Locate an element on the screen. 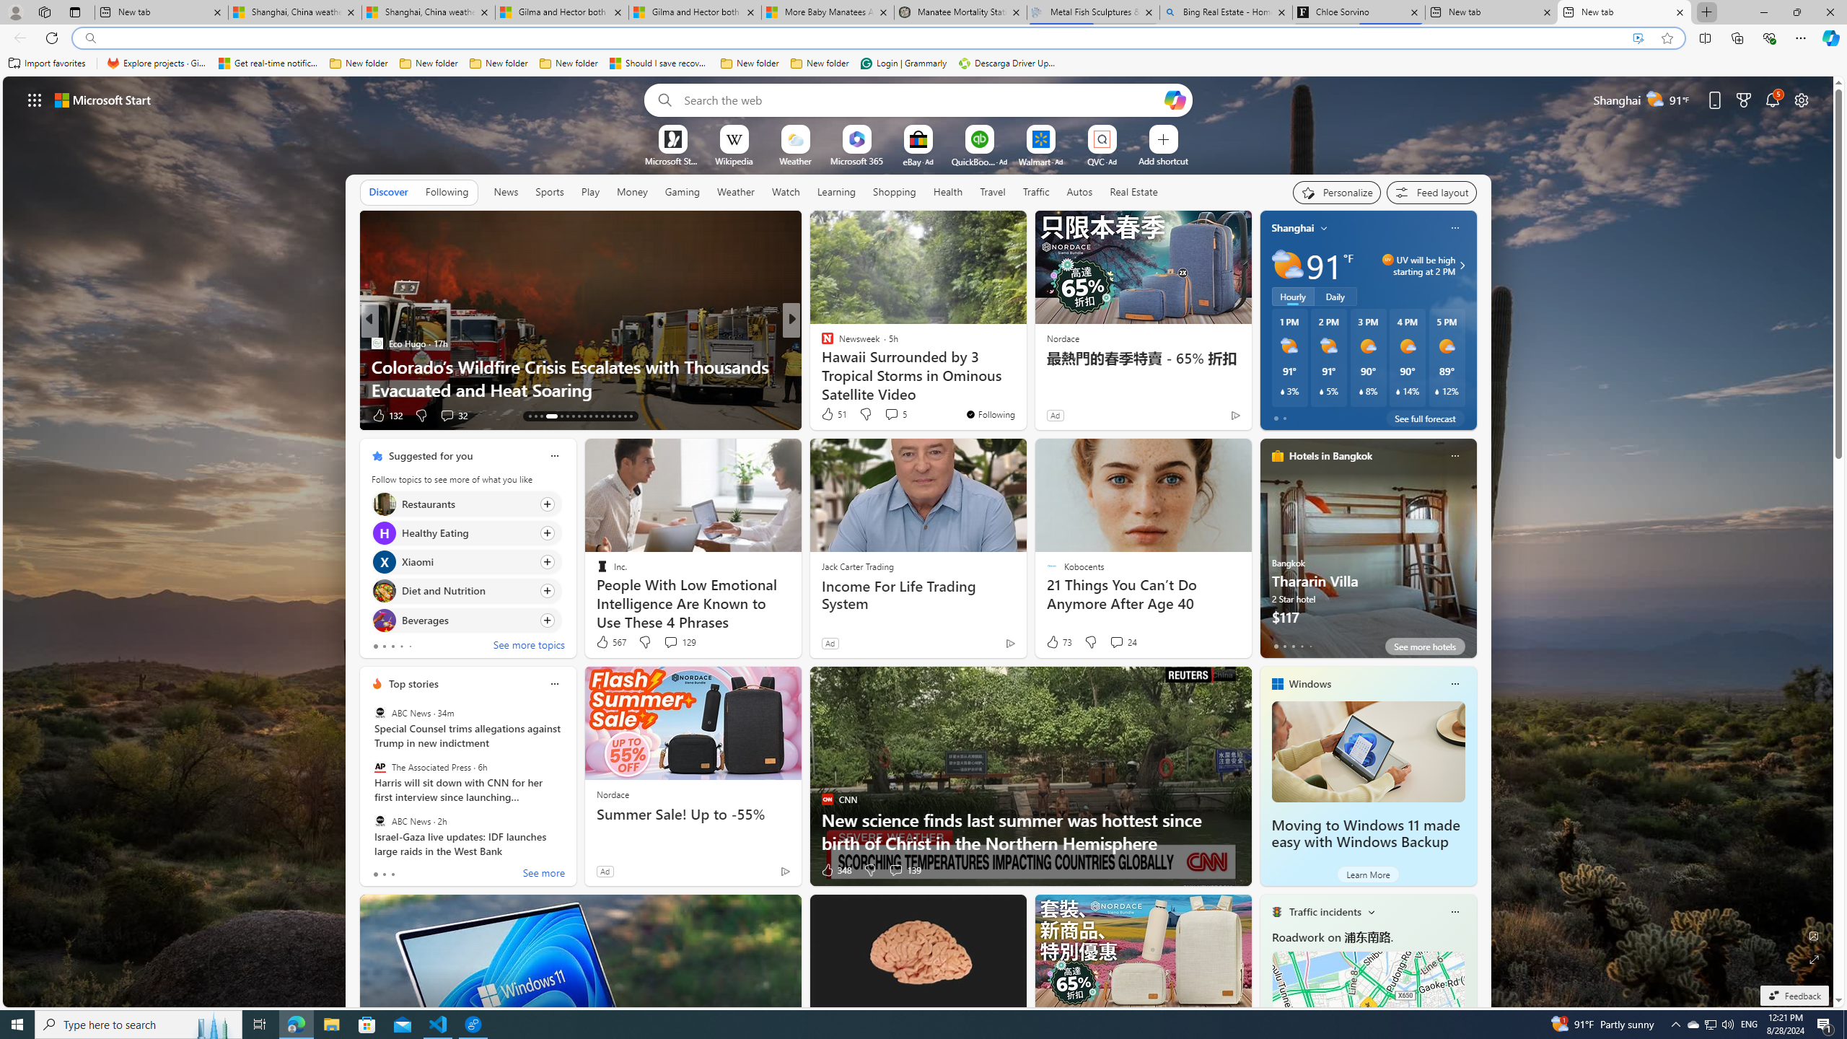  'Search icon' is located at coordinates (90, 38).